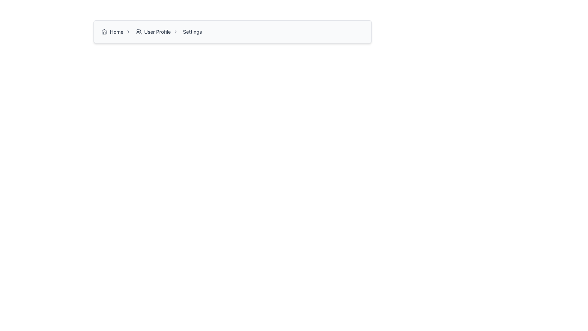  Describe the element at coordinates (104, 32) in the screenshot. I see `the house icon in the breadcrumb navigation bar` at that location.